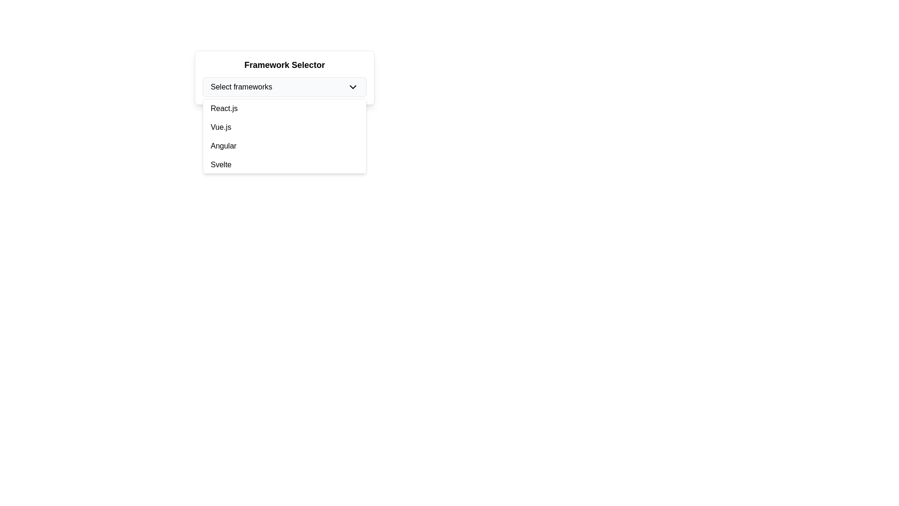 This screenshot has height=506, width=899. Describe the element at coordinates (284, 77) in the screenshot. I see `the dropdown menu labeled 'Select frameworks' under the title 'Framework Selector'` at that location.